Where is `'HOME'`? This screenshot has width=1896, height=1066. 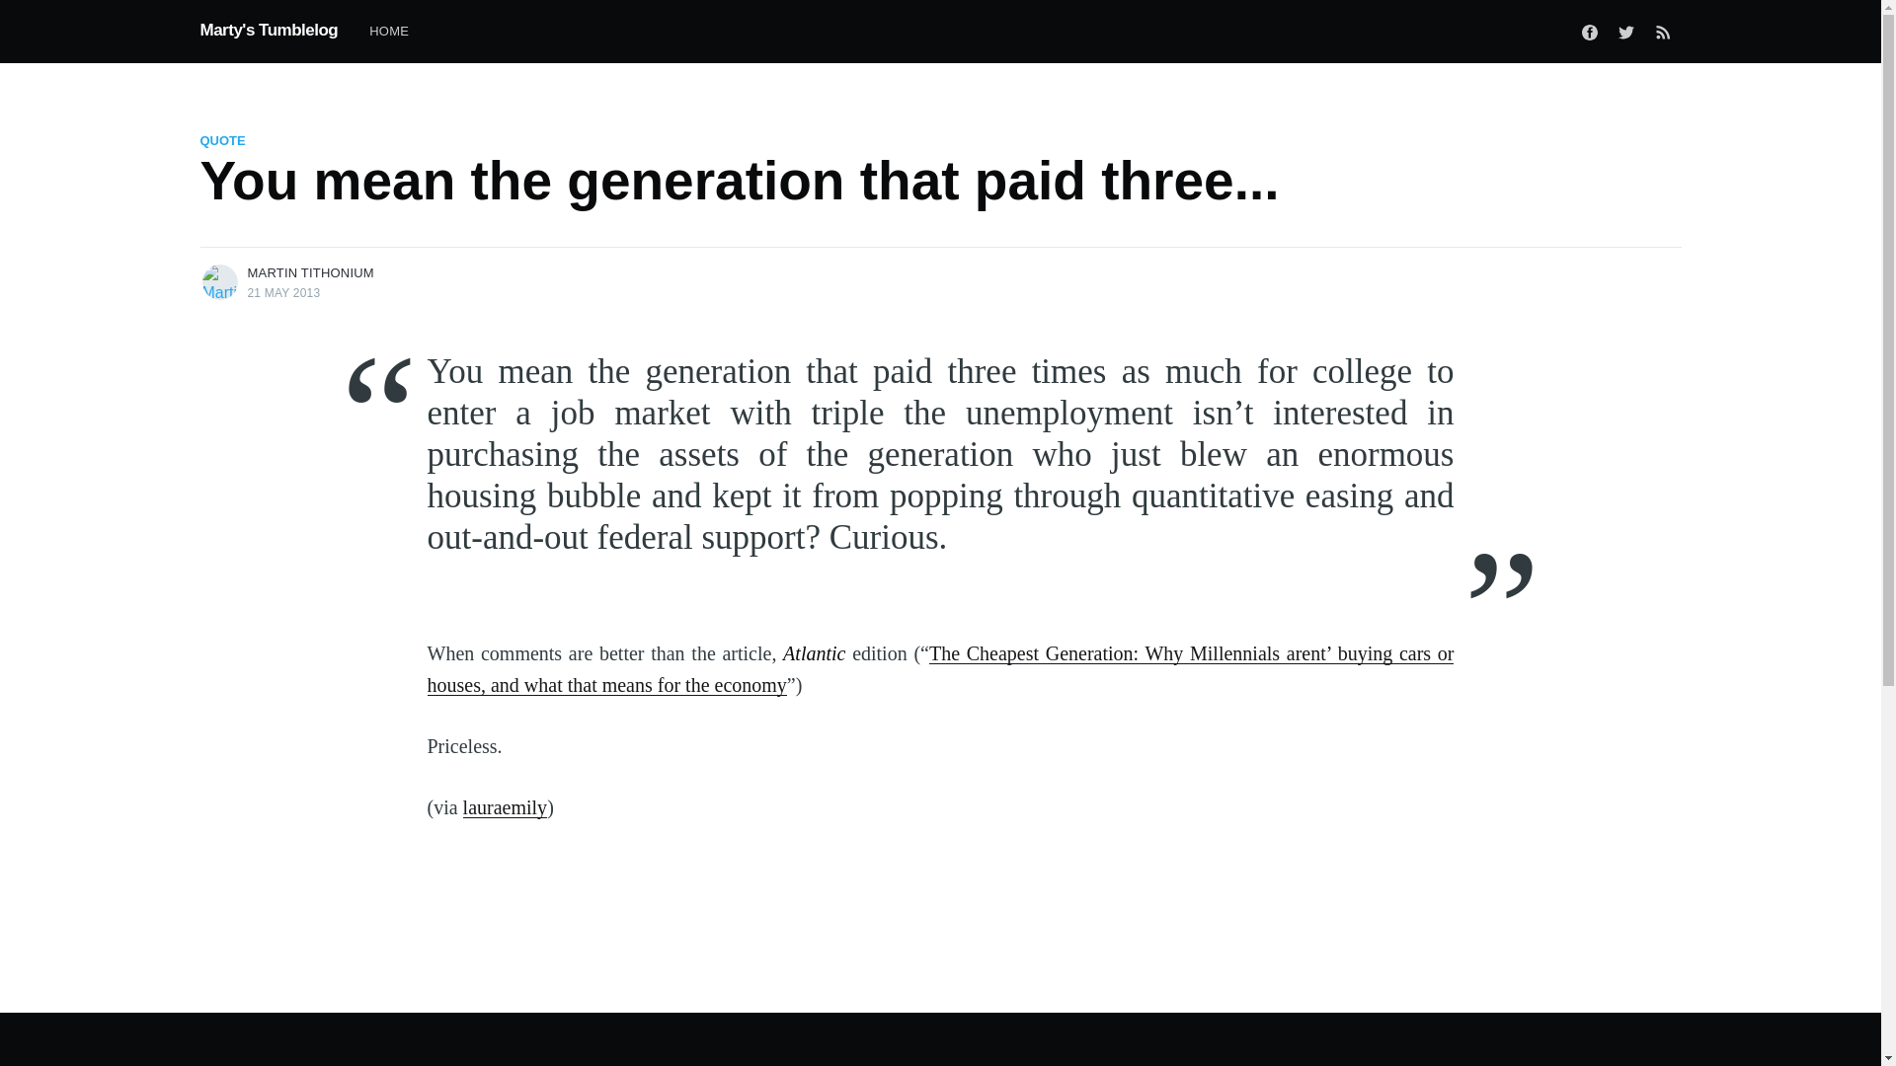 'HOME' is located at coordinates (388, 32).